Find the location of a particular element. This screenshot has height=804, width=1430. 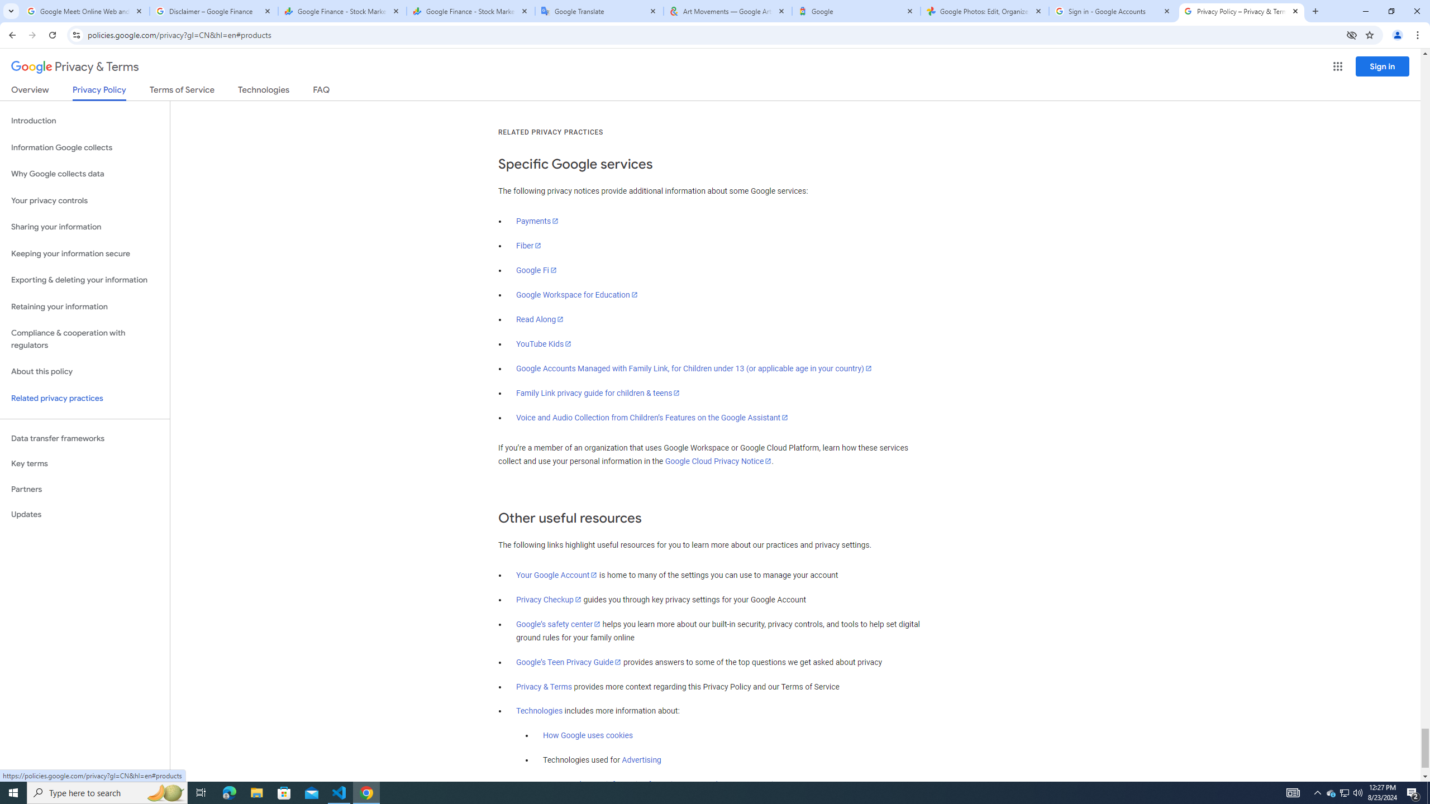

'YouTube Kids' is located at coordinates (544, 344).